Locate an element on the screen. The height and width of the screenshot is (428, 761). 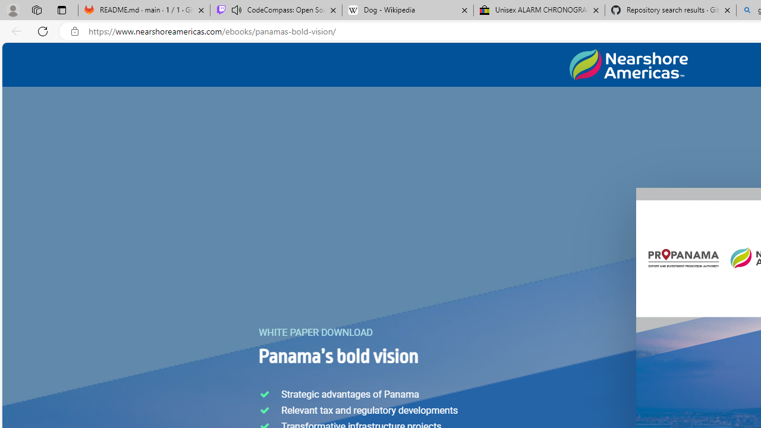
'Dog - Wikipedia' is located at coordinates (408, 10).